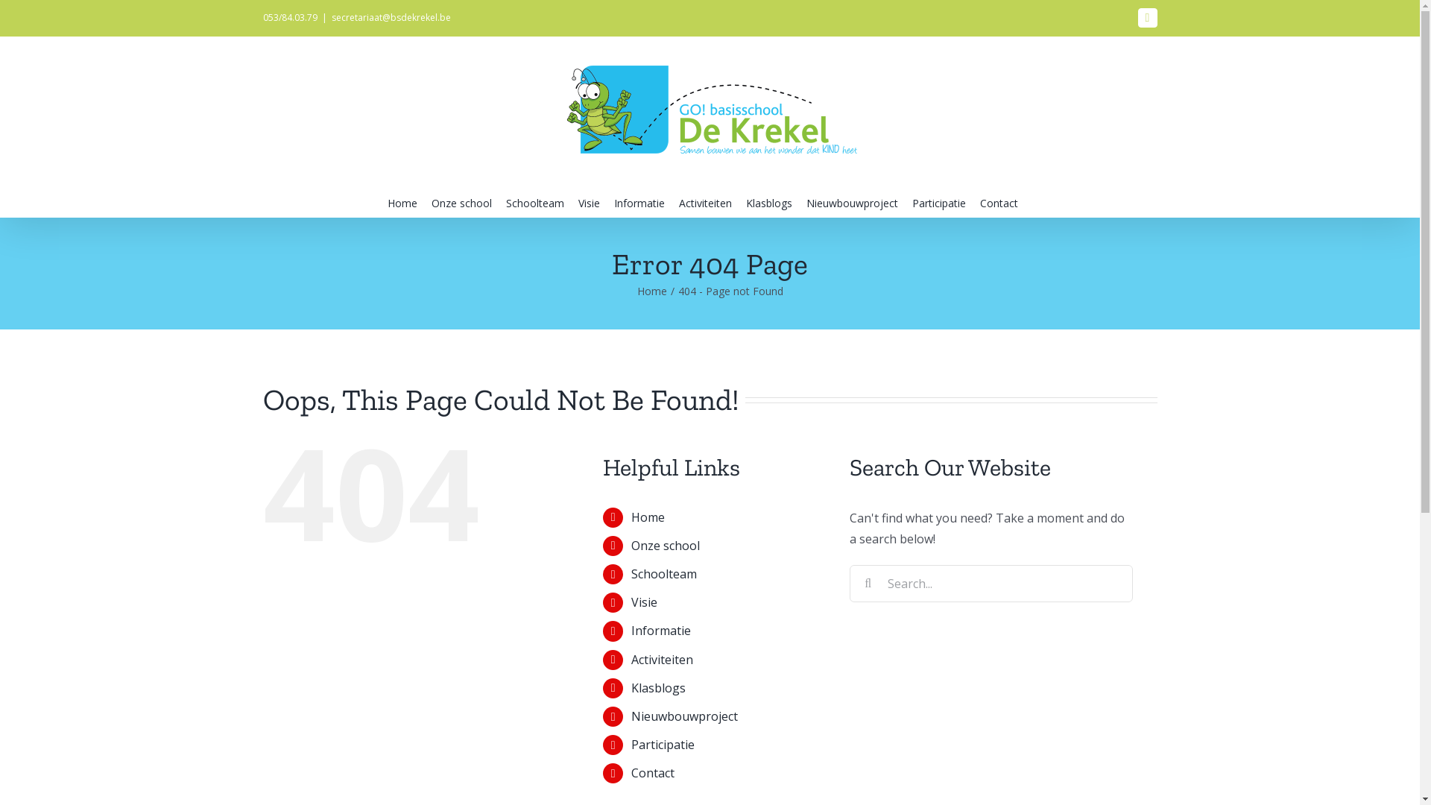 Image resolution: width=1431 pixels, height=805 pixels. What do you see at coordinates (938, 201) in the screenshot?
I see `'Participatie'` at bounding box center [938, 201].